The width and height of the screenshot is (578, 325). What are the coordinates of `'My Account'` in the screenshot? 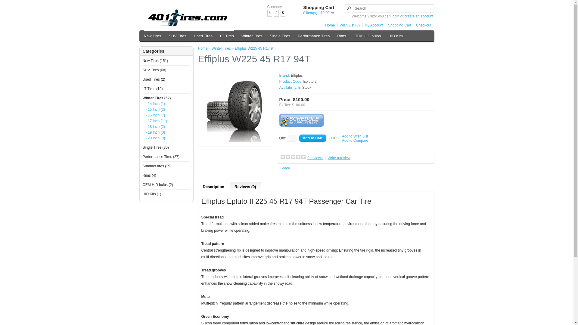 It's located at (372, 25).